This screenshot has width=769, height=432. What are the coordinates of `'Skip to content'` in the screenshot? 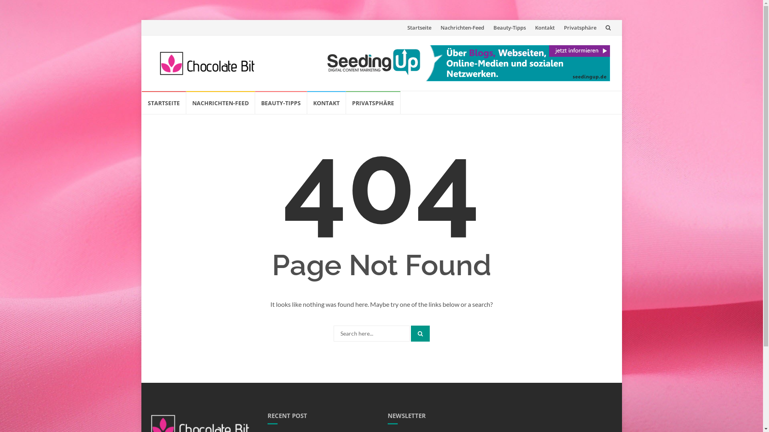 It's located at (141, 90).